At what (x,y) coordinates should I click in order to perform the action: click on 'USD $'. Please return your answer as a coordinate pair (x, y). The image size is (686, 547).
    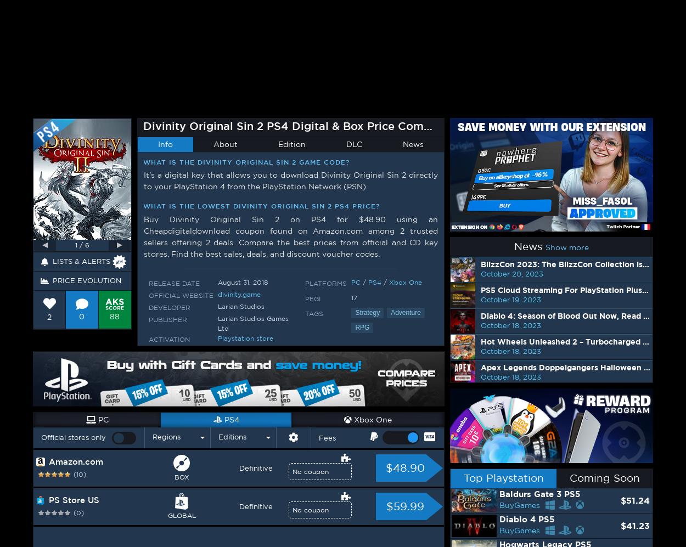
    Looking at the image, I should click on (612, 14).